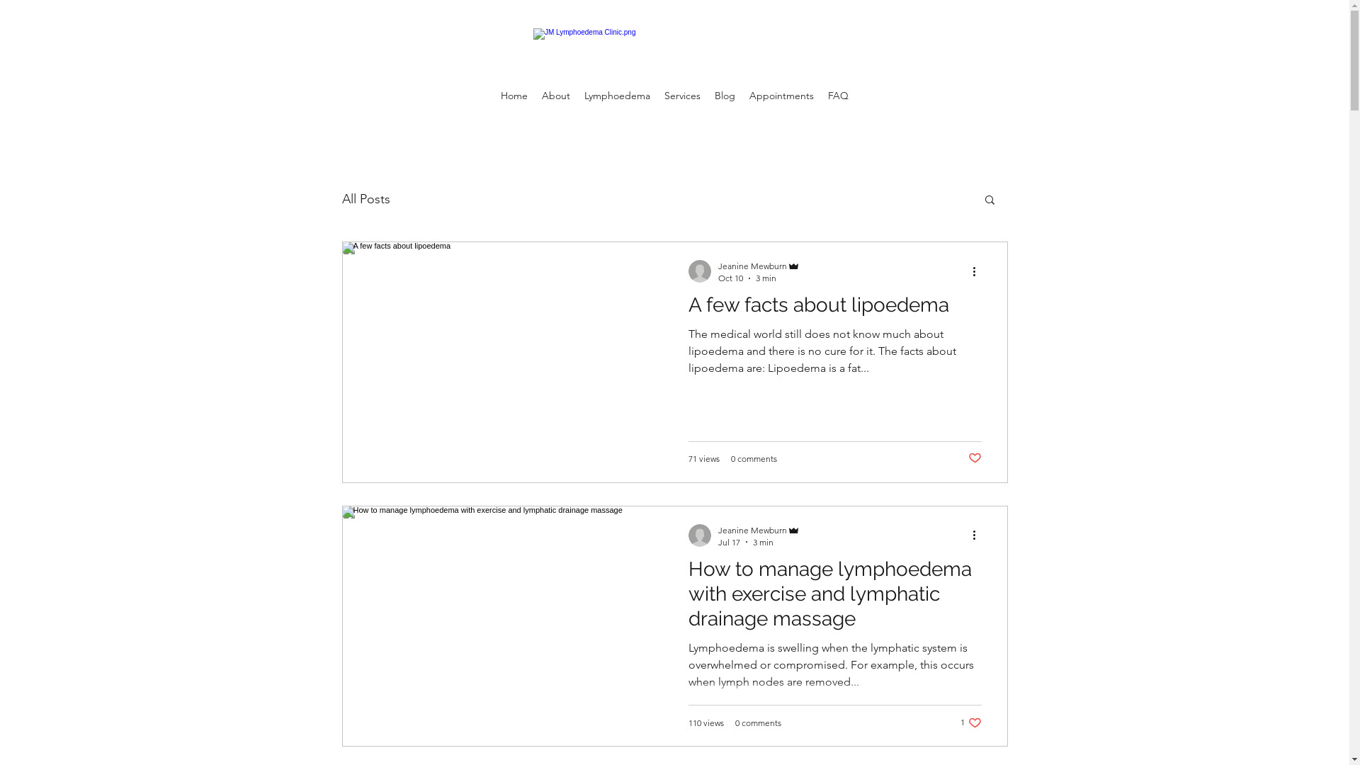  I want to click on 'Lymphoedema', so click(577, 96).